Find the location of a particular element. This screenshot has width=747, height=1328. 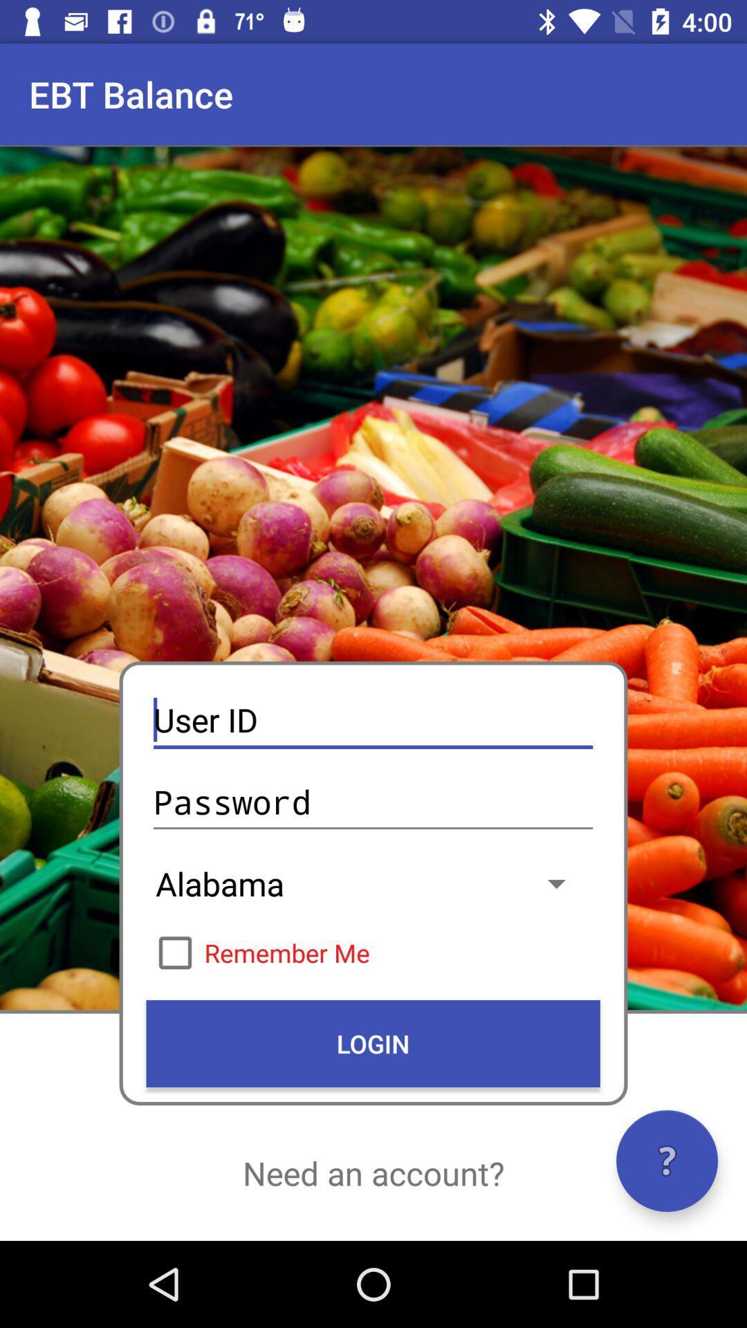

icon above the need an account? is located at coordinates (372, 1043).